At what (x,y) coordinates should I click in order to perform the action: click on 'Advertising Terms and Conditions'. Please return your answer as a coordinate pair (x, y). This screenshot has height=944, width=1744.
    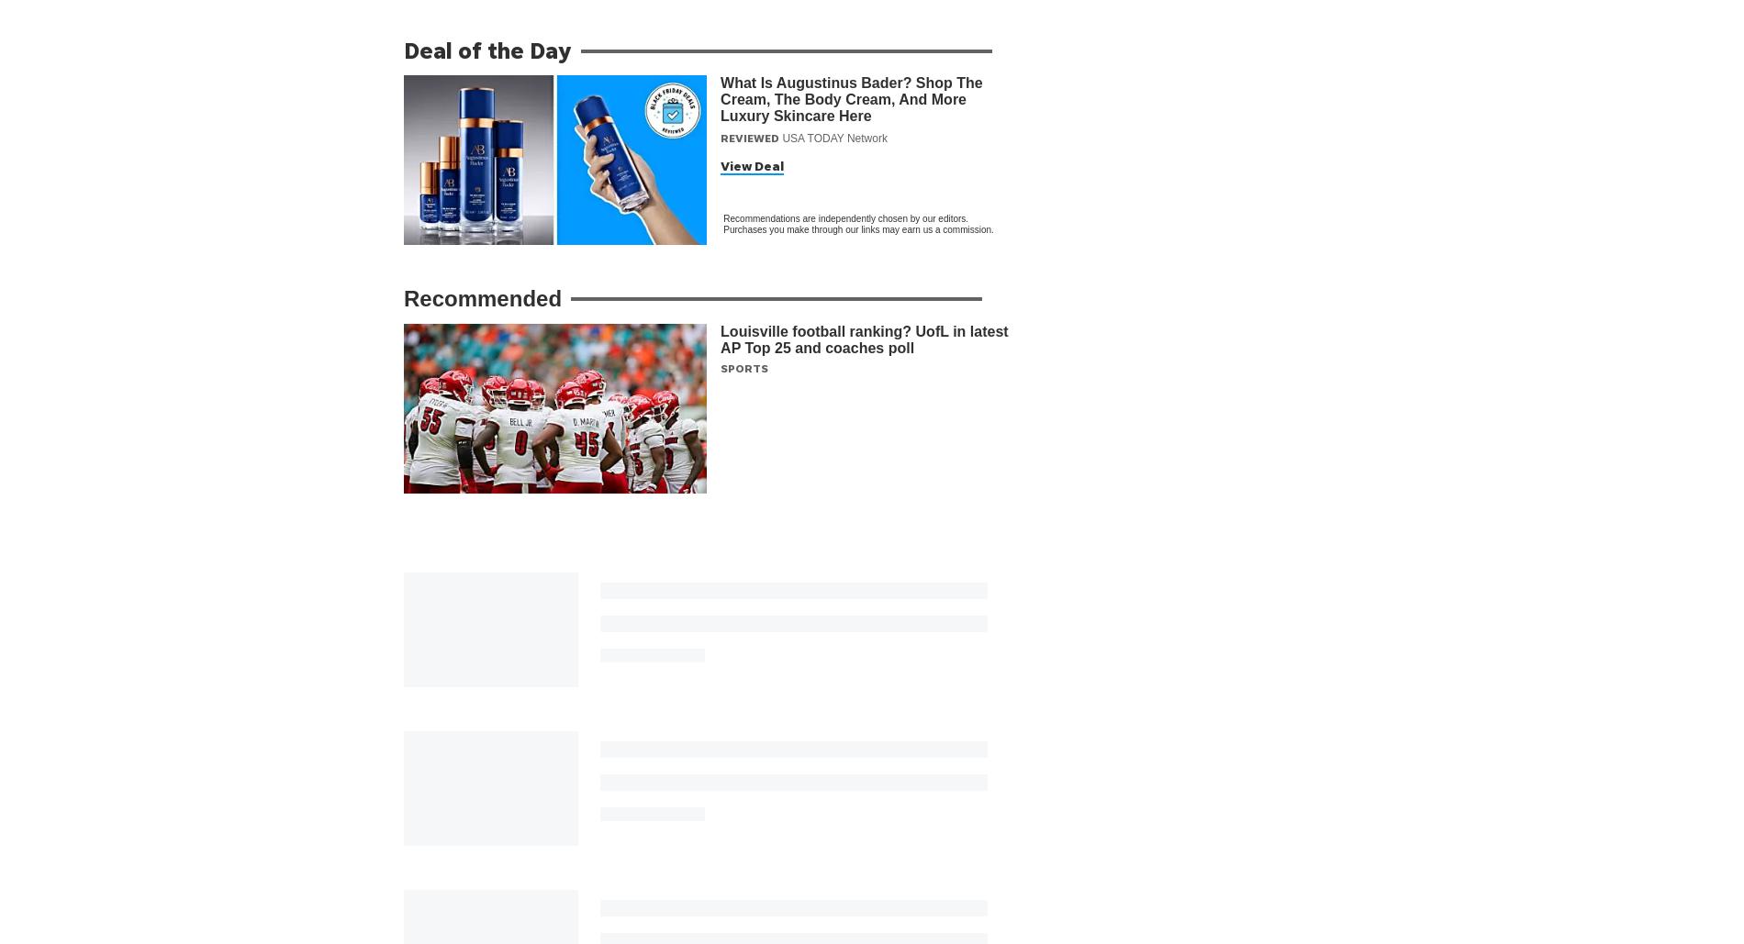
    Looking at the image, I should click on (764, 933).